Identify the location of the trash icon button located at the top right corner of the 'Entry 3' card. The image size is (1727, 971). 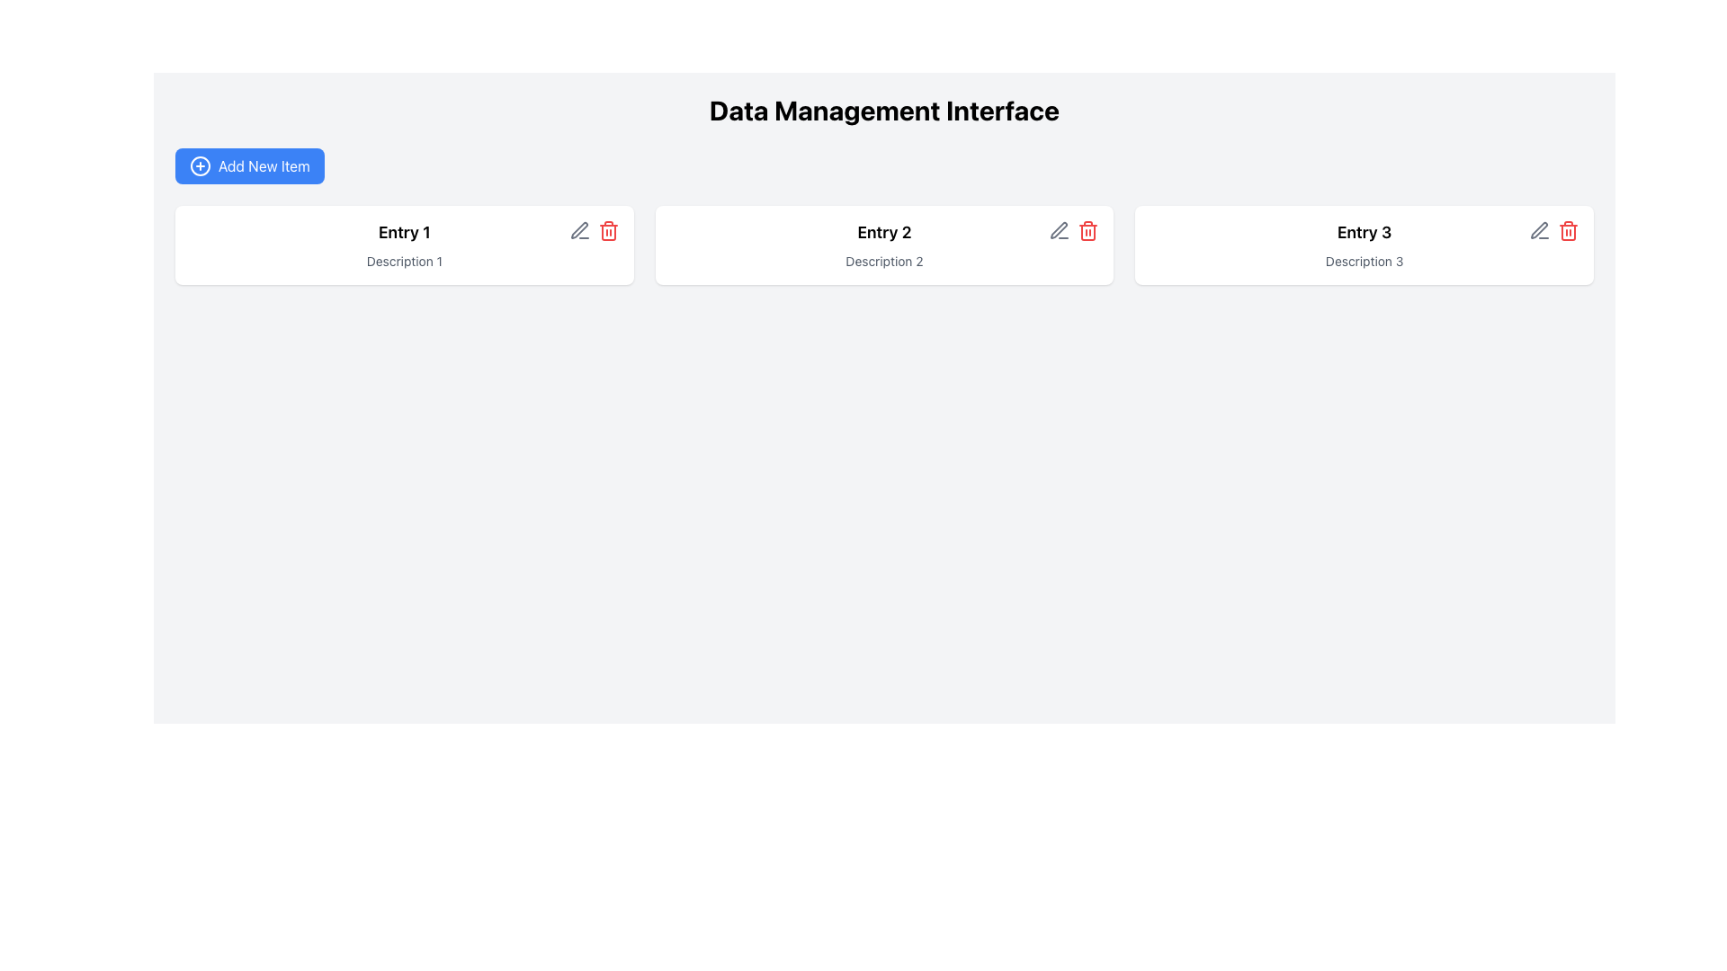
(1567, 231).